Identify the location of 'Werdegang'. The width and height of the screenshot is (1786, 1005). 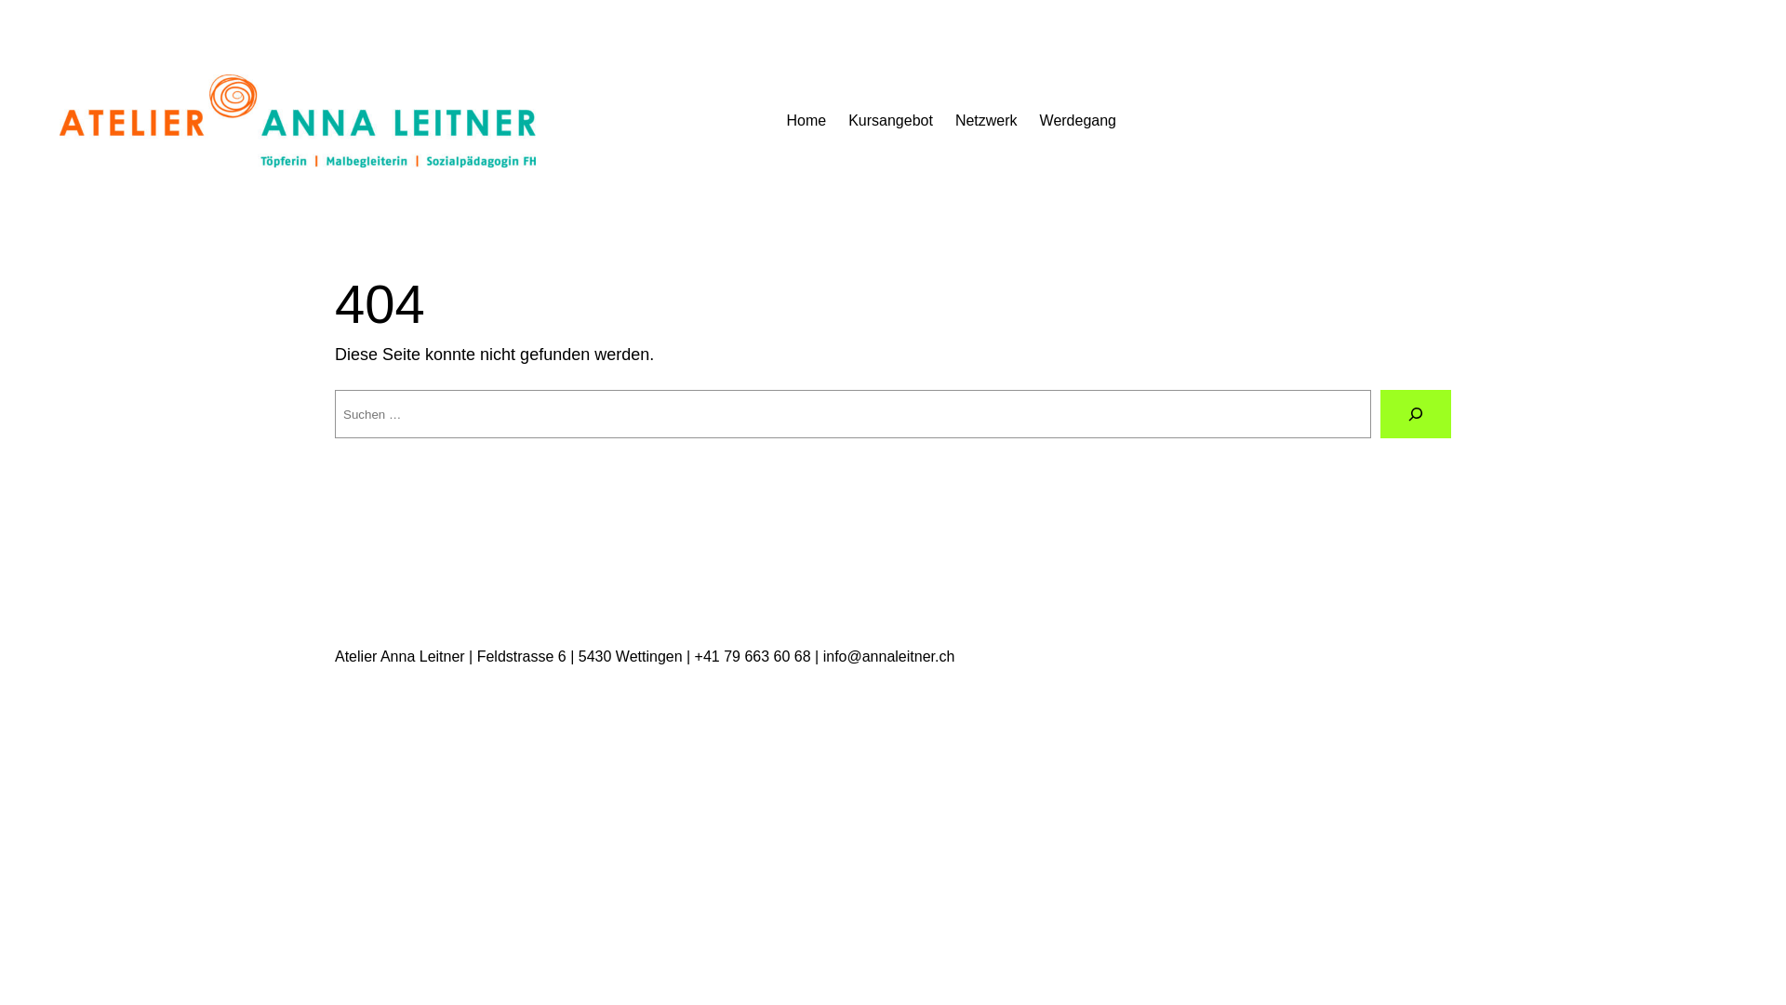
(1077, 121).